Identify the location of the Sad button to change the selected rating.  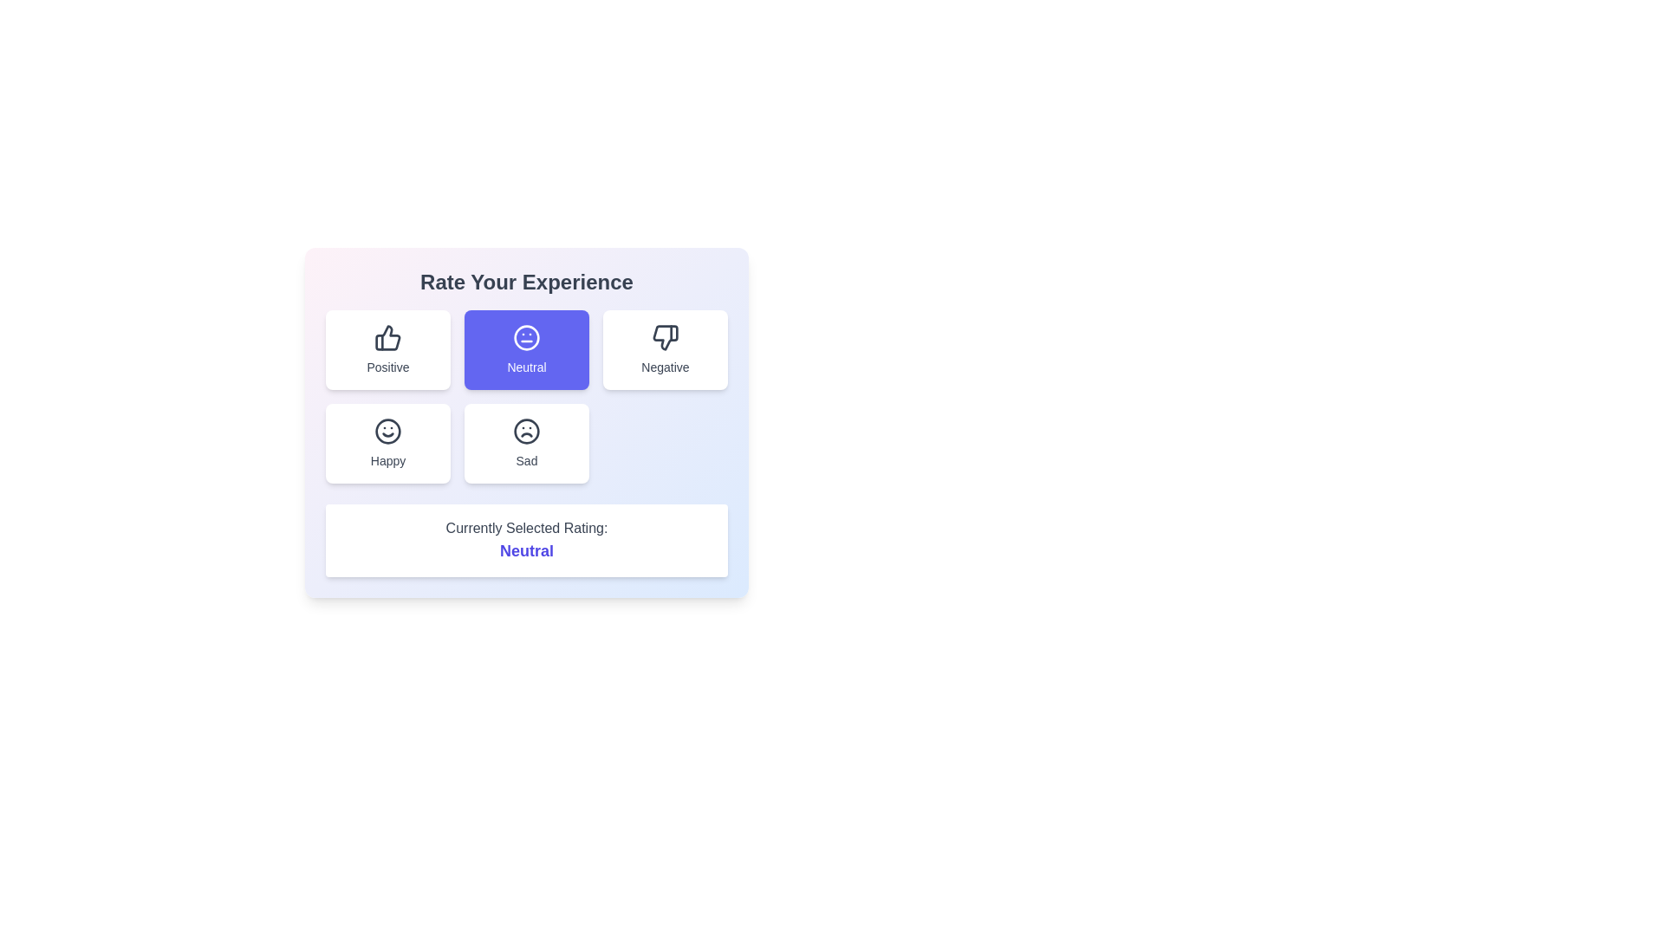
(526, 443).